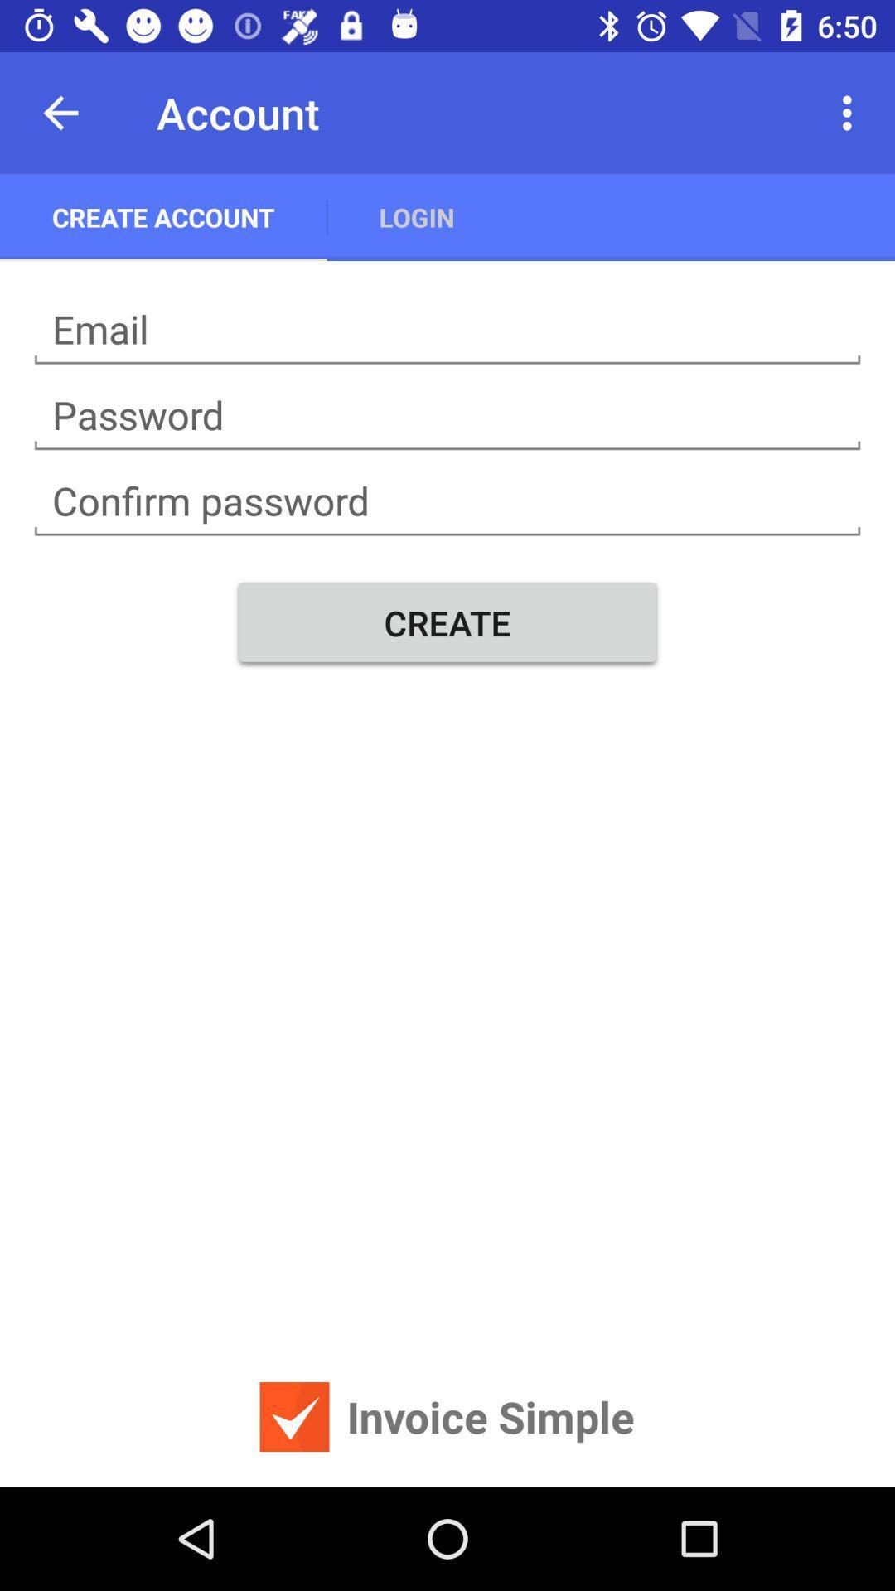  I want to click on item to the right of login app, so click(851, 112).